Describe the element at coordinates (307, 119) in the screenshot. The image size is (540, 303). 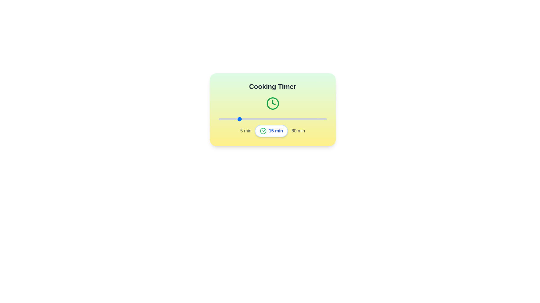
I see `cooking timer` at that location.